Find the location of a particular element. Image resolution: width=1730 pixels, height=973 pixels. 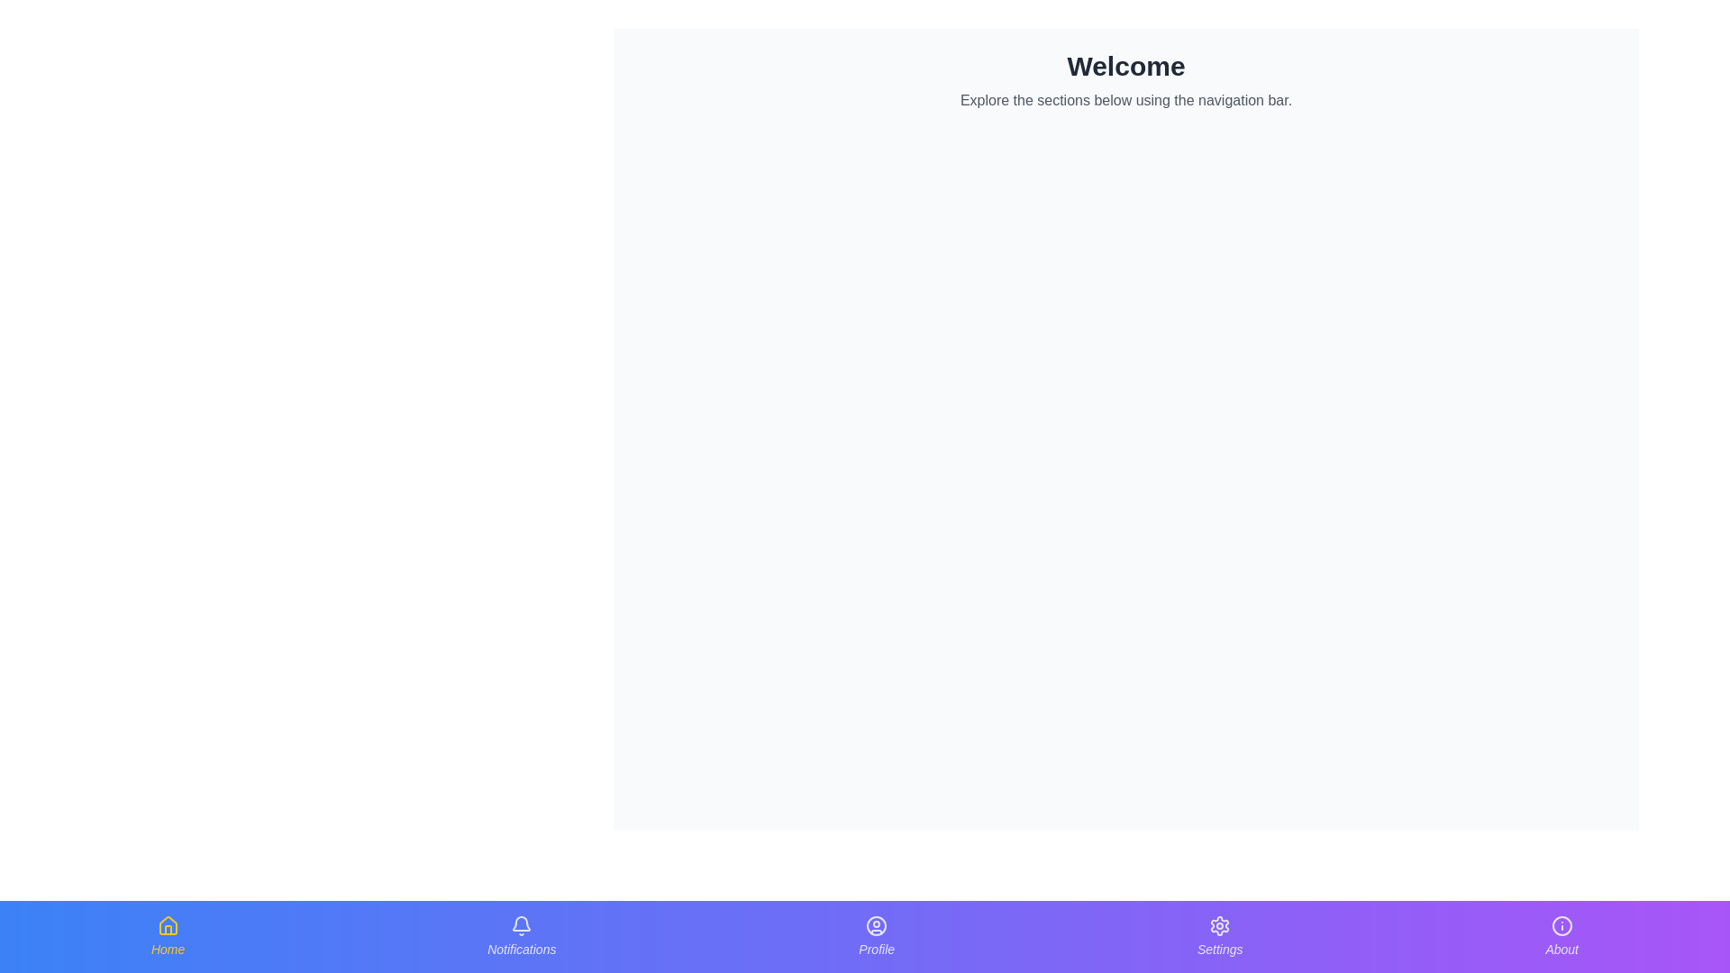

the 'Profile' text label located in the bottom navigation bar, which is the fourth item from the left and is styled in a small font size is located at coordinates (877, 948).